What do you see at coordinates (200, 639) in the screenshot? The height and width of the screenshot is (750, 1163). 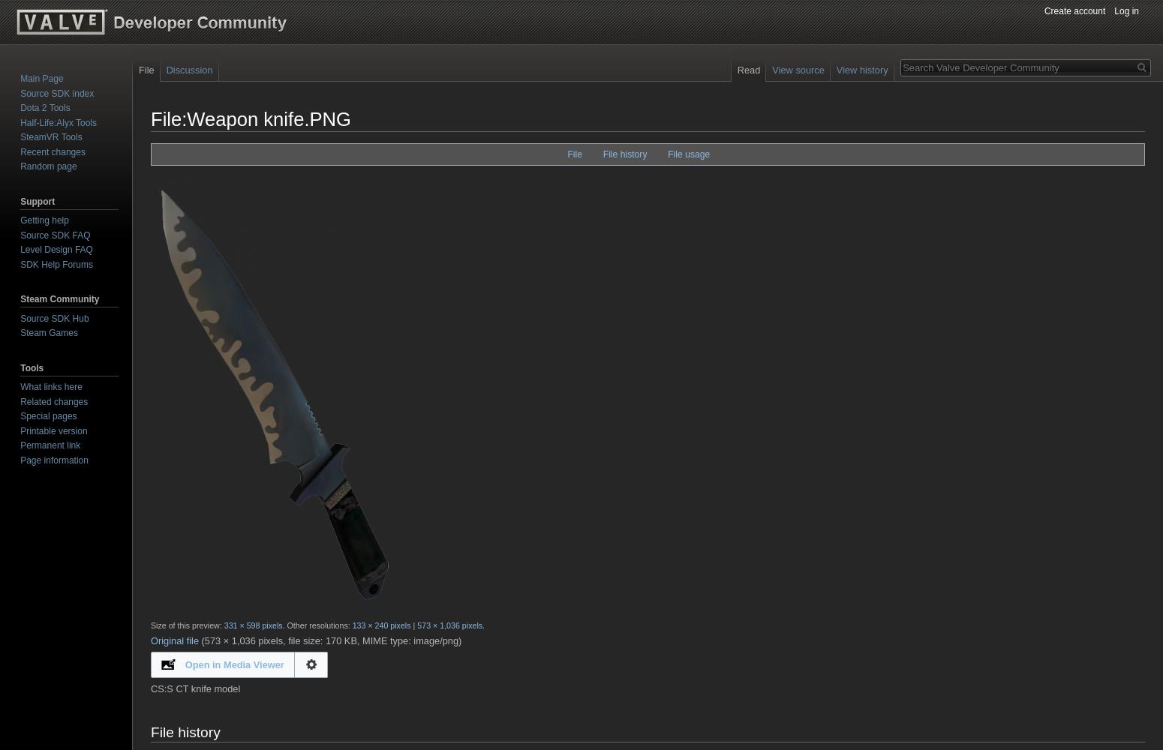 I see `'(573 × 1,036 pixels, file size: 170 KB, MIME type:'` at bounding box center [200, 639].